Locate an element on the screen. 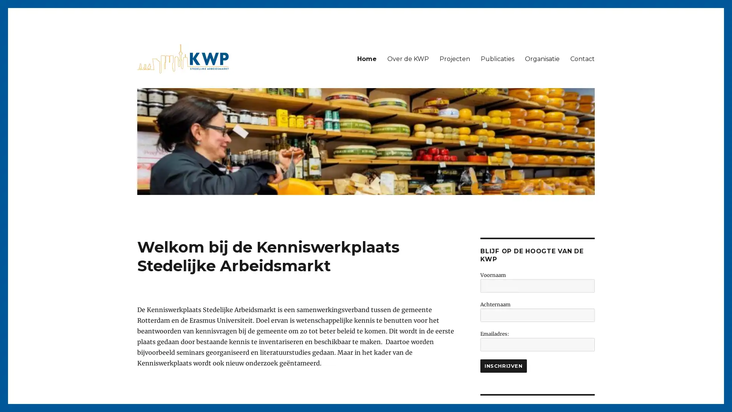 This screenshot has height=412, width=732. Inschrijven is located at coordinates (503, 365).